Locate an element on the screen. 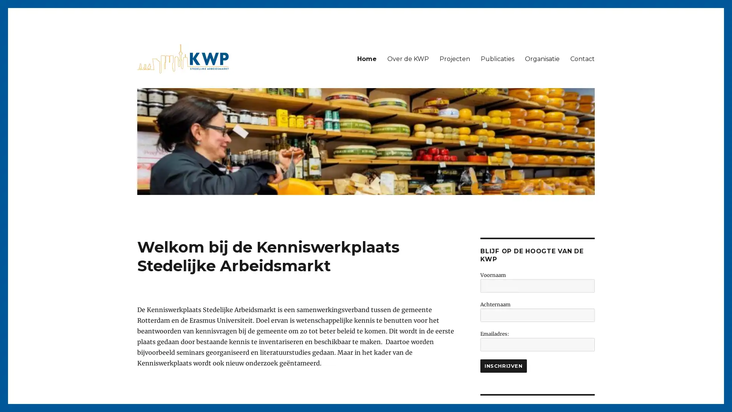 This screenshot has height=412, width=732. Inschrijven is located at coordinates (503, 365).